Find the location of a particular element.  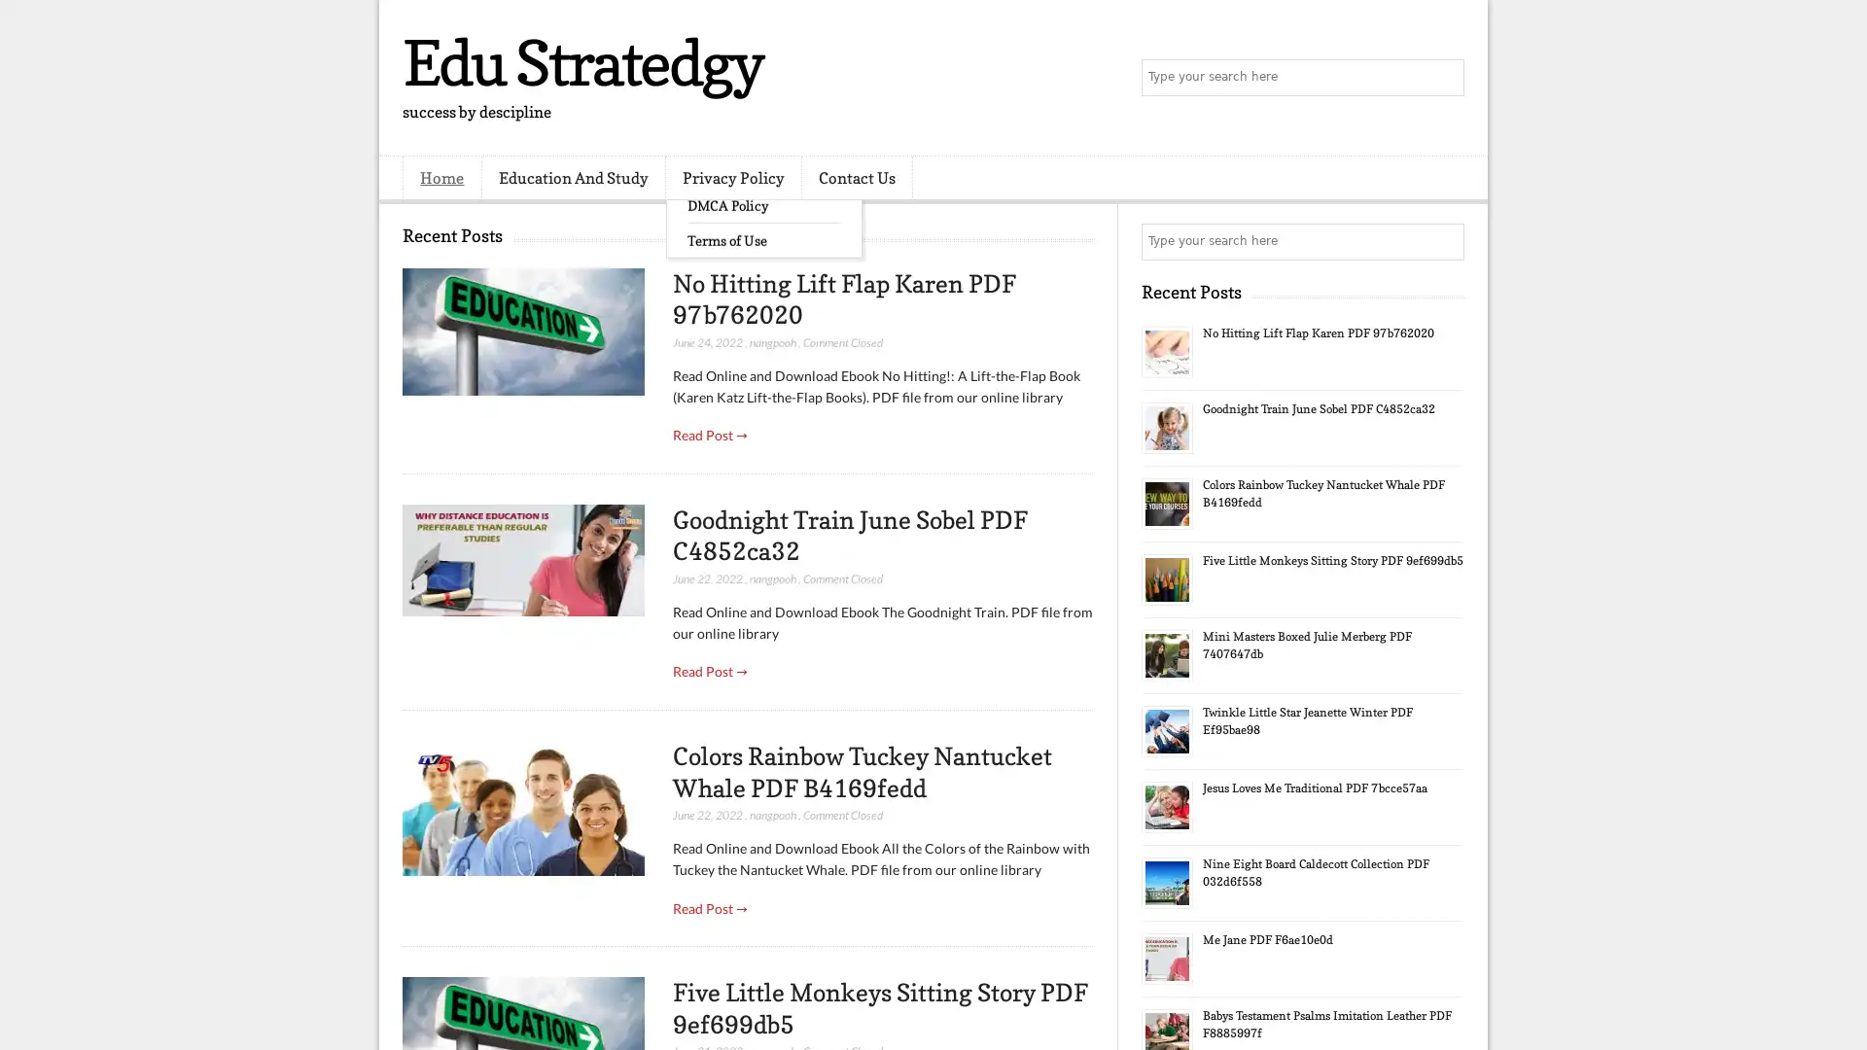

Search is located at coordinates (1444, 241).